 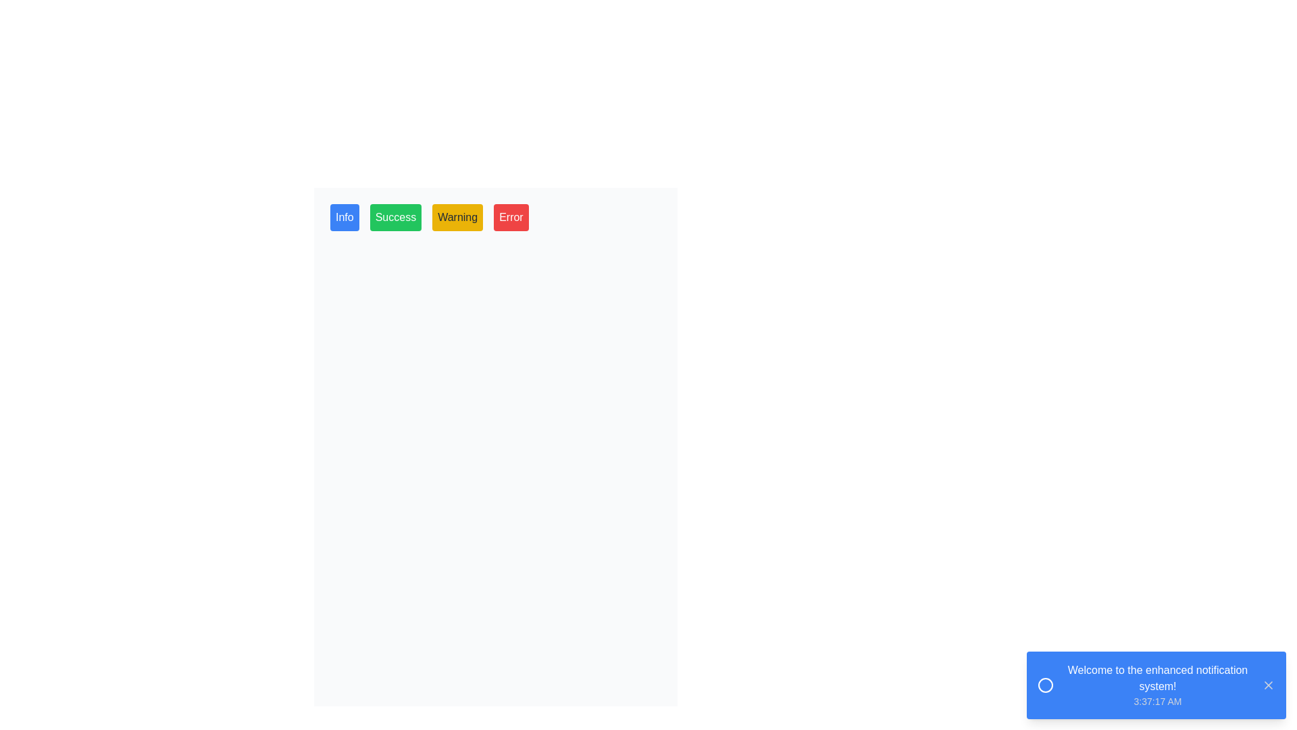 I want to click on the 'Error' button, which is a rectangular button with a red background and white text, so click(x=510, y=216).